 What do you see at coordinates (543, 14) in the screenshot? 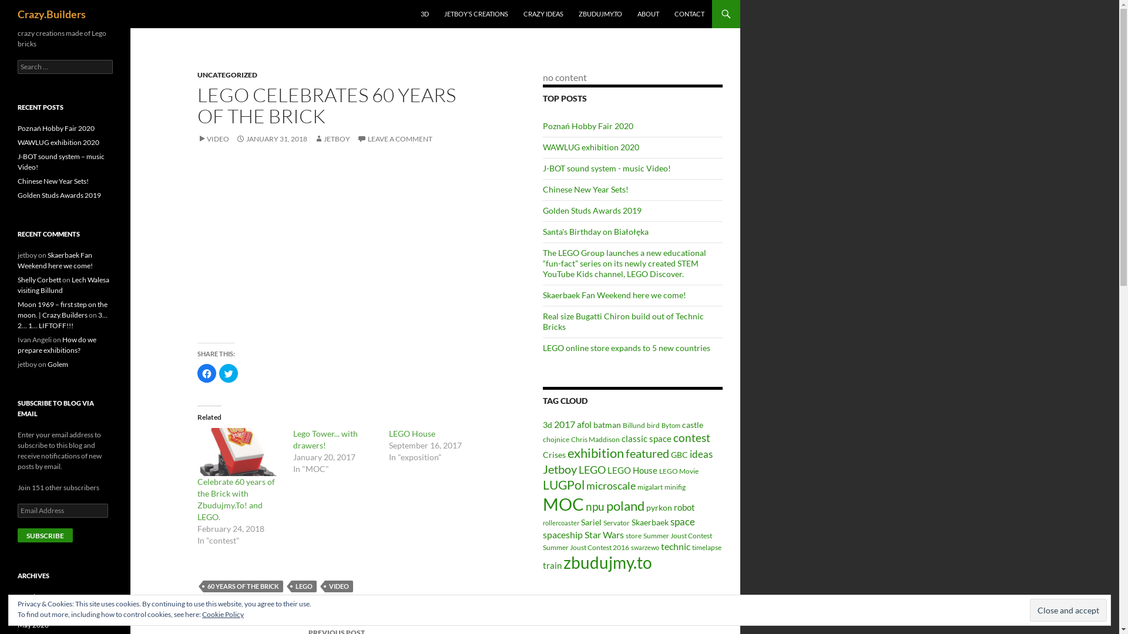
I see `'CRAZY IDEAS'` at bounding box center [543, 14].